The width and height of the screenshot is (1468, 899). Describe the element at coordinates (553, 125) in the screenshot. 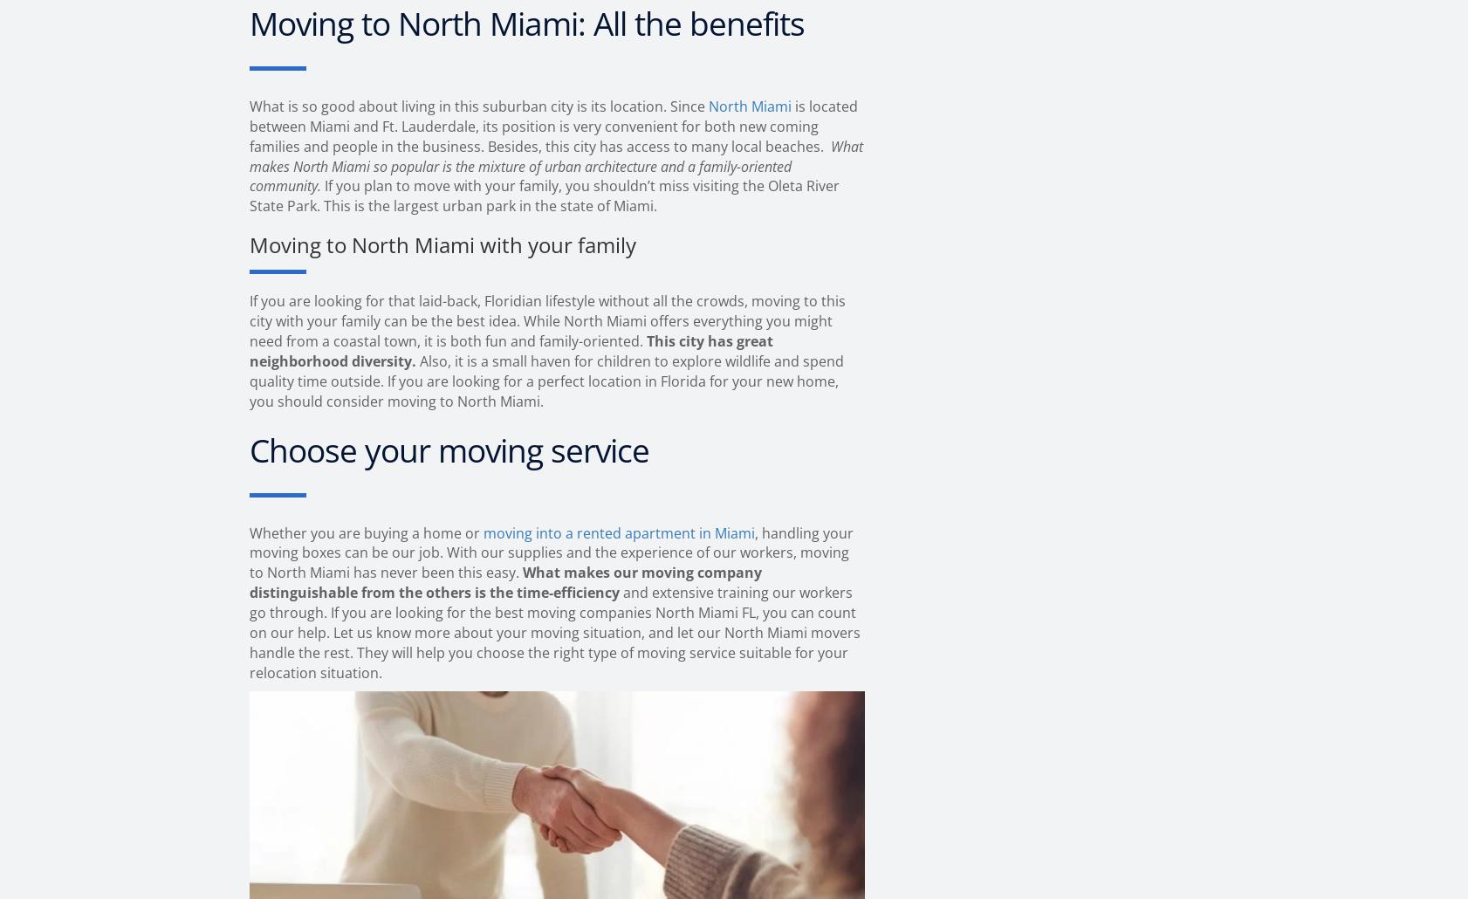

I see `'is located between Miami and Ft. Lauderdale, its position is very convenient for both new coming families and people in the business. Besides, this city has access to many local beaches.'` at that location.